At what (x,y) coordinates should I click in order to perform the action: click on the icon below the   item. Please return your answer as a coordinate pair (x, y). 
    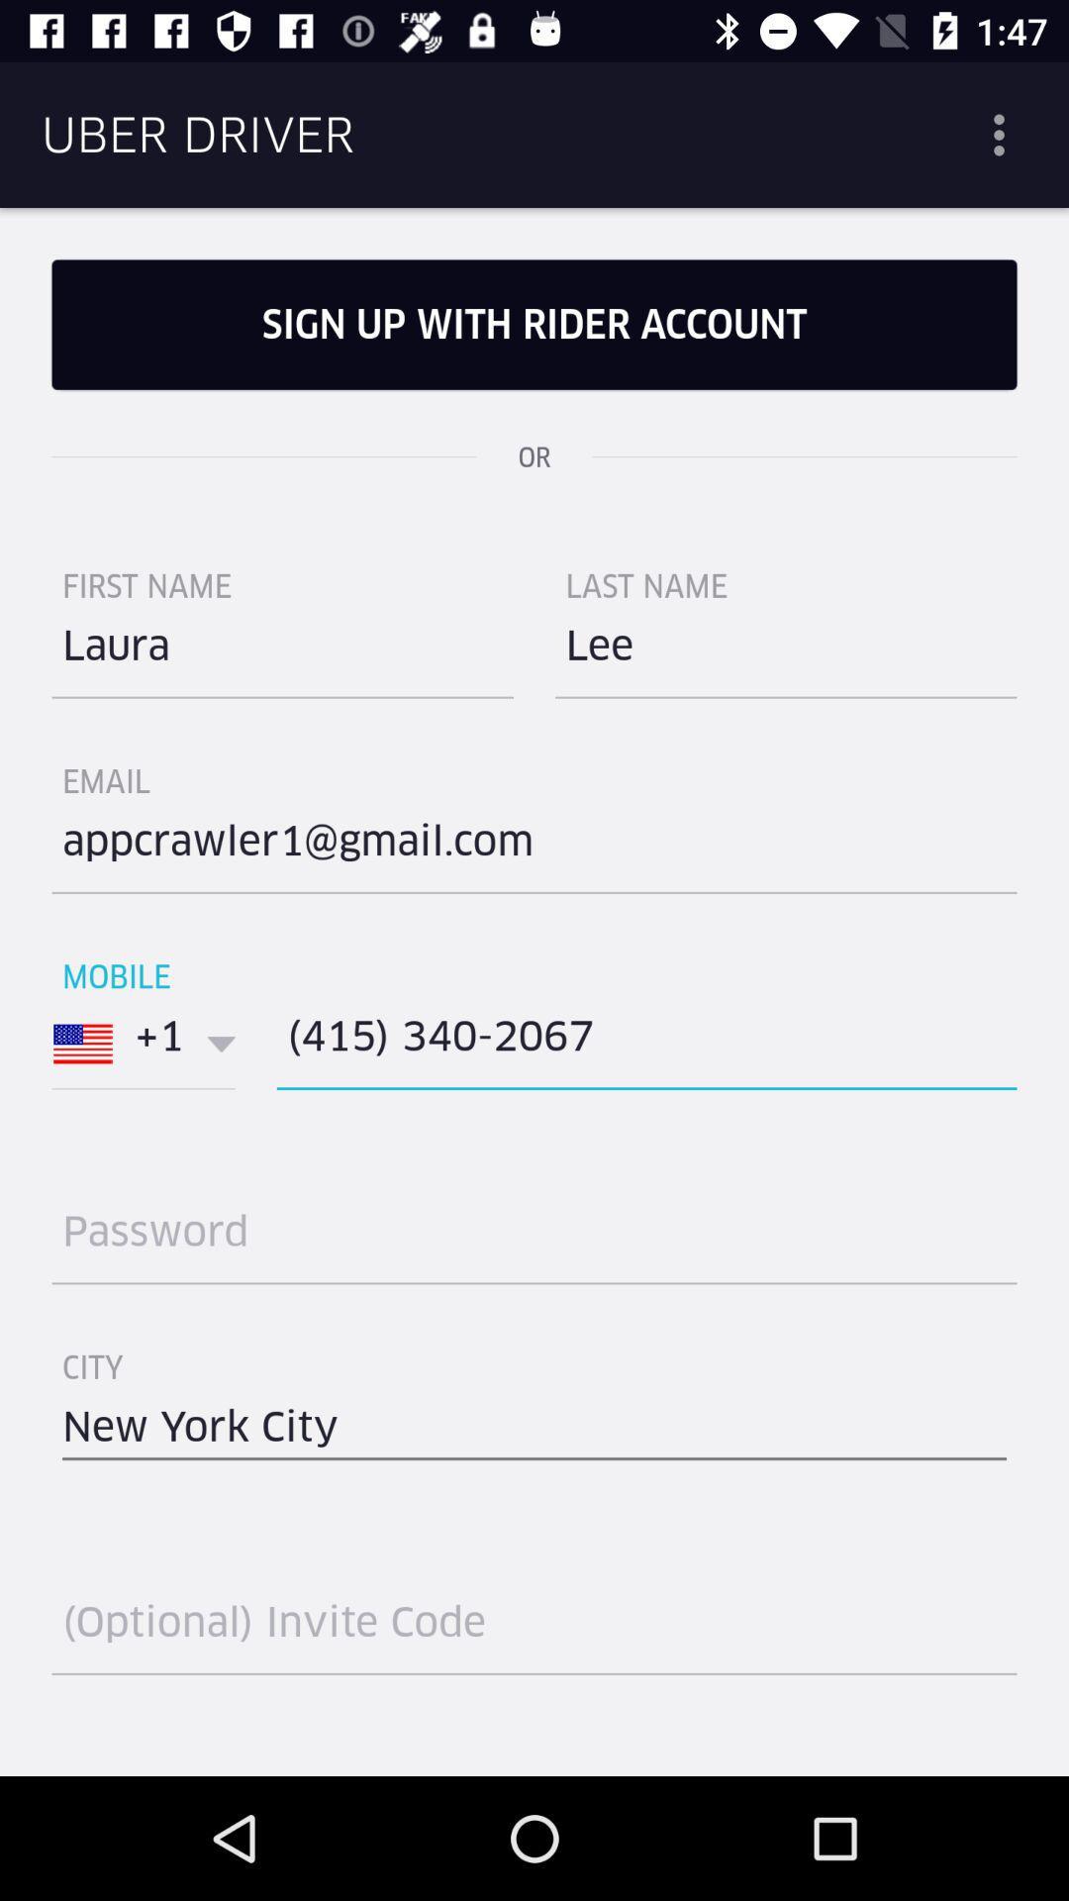
    Looking at the image, I should click on (646, 1043).